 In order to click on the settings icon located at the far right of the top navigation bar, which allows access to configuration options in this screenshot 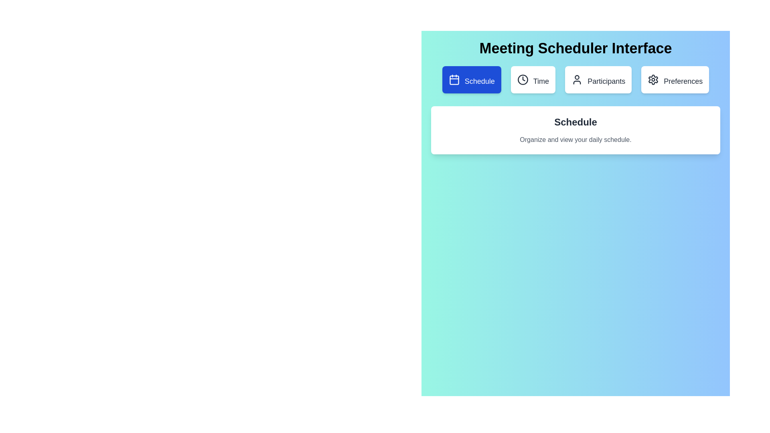, I will do `click(653, 80)`.